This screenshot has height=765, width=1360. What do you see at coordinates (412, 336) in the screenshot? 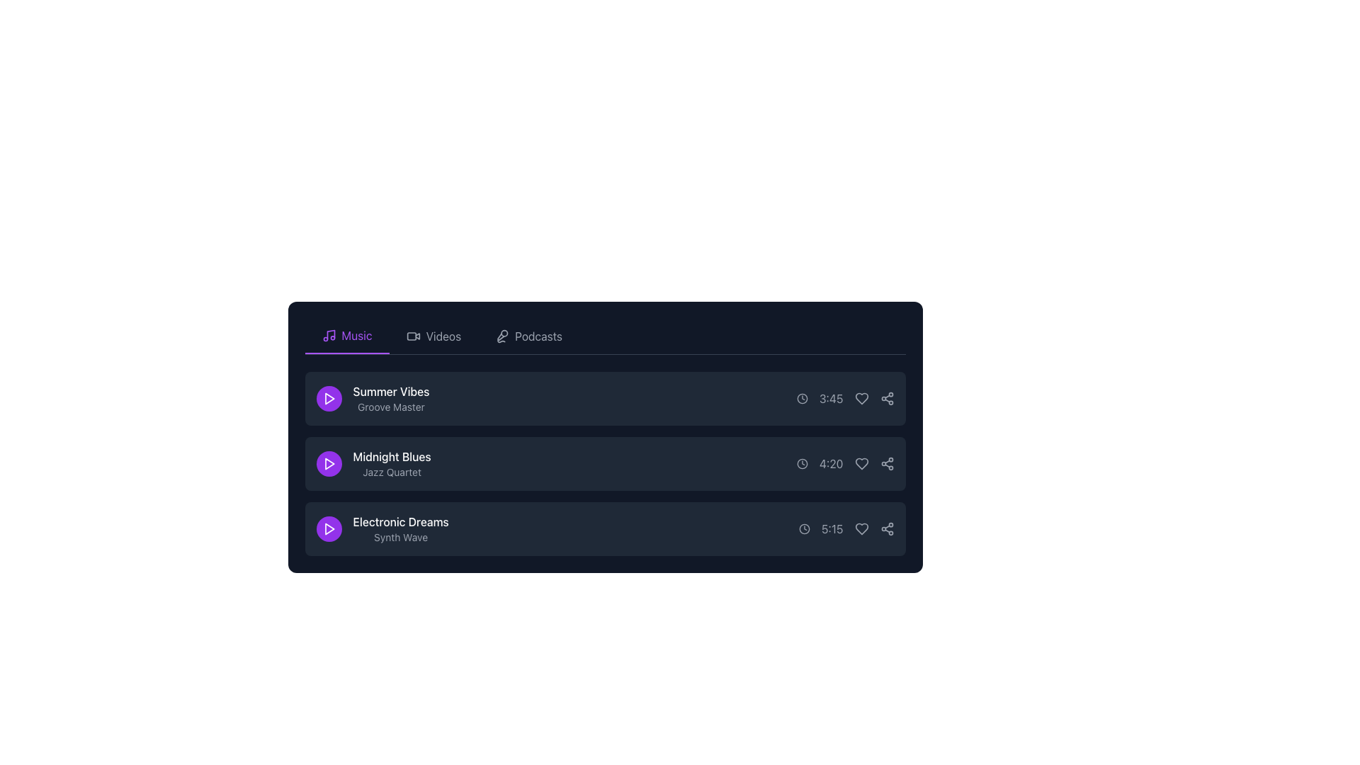
I see `the video camera icon, which is the second item in the horizontal tab group labeled 'Music,' 'Videos,' and 'Podcasts'` at bounding box center [412, 336].